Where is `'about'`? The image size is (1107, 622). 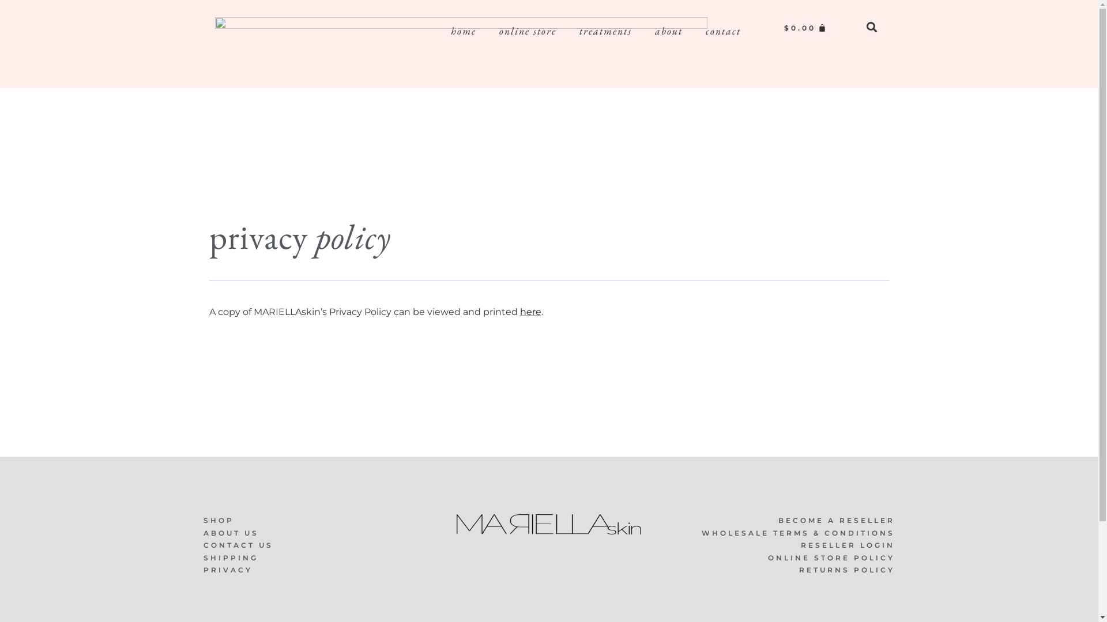
'about' is located at coordinates (669, 31).